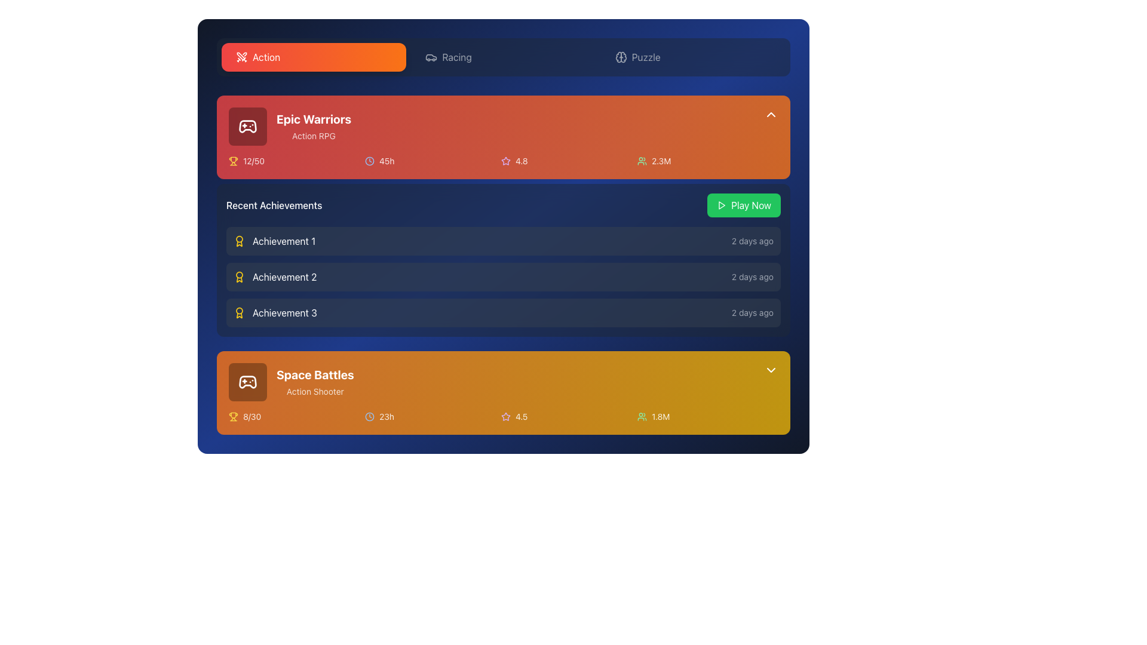 The height and width of the screenshot is (645, 1147). Describe the element at coordinates (721, 204) in the screenshot. I see `the play icon, a triangular arrow pointing right, located within the green 'Play Now' button in the top-right quadrant of the 'Epic Warriors' game card to initiate the play action` at that location.